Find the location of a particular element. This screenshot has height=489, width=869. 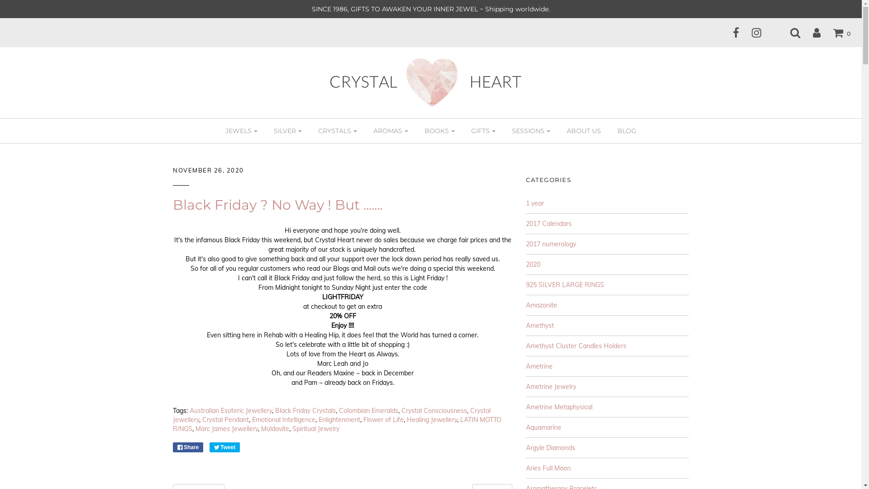

'Search' is located at coordinates (789, 32).